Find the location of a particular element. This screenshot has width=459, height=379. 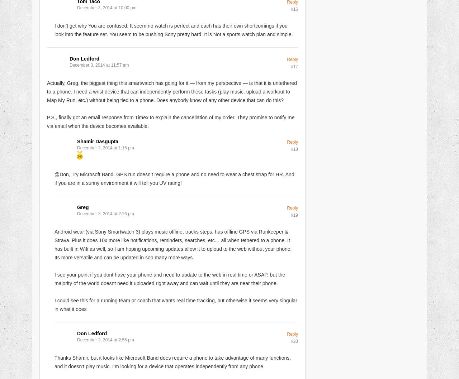

'@Don, Try Microsoft Band. GPS run doesn’t require a phone and no need to wear a chest strap for HR. And if you are in a sunny environment it will tell you UV rating!' is located at coordinates (54, 178).